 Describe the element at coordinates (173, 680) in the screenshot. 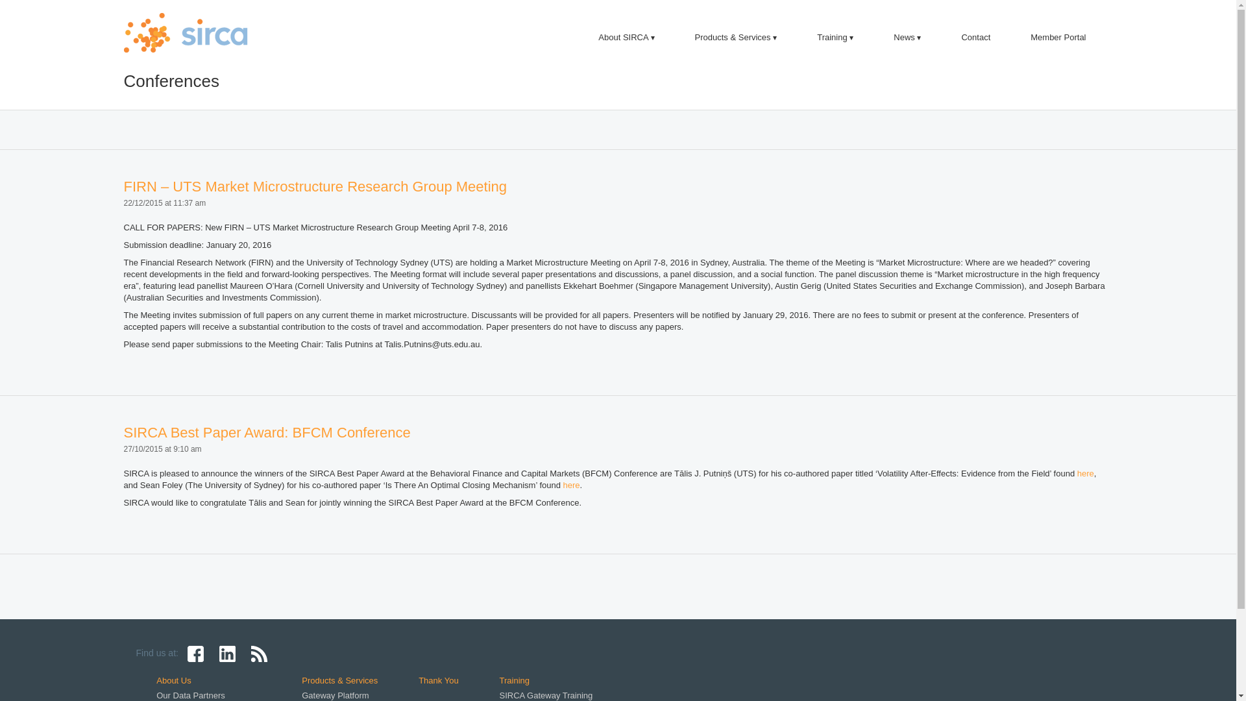

I see `'About Us'` at that location.